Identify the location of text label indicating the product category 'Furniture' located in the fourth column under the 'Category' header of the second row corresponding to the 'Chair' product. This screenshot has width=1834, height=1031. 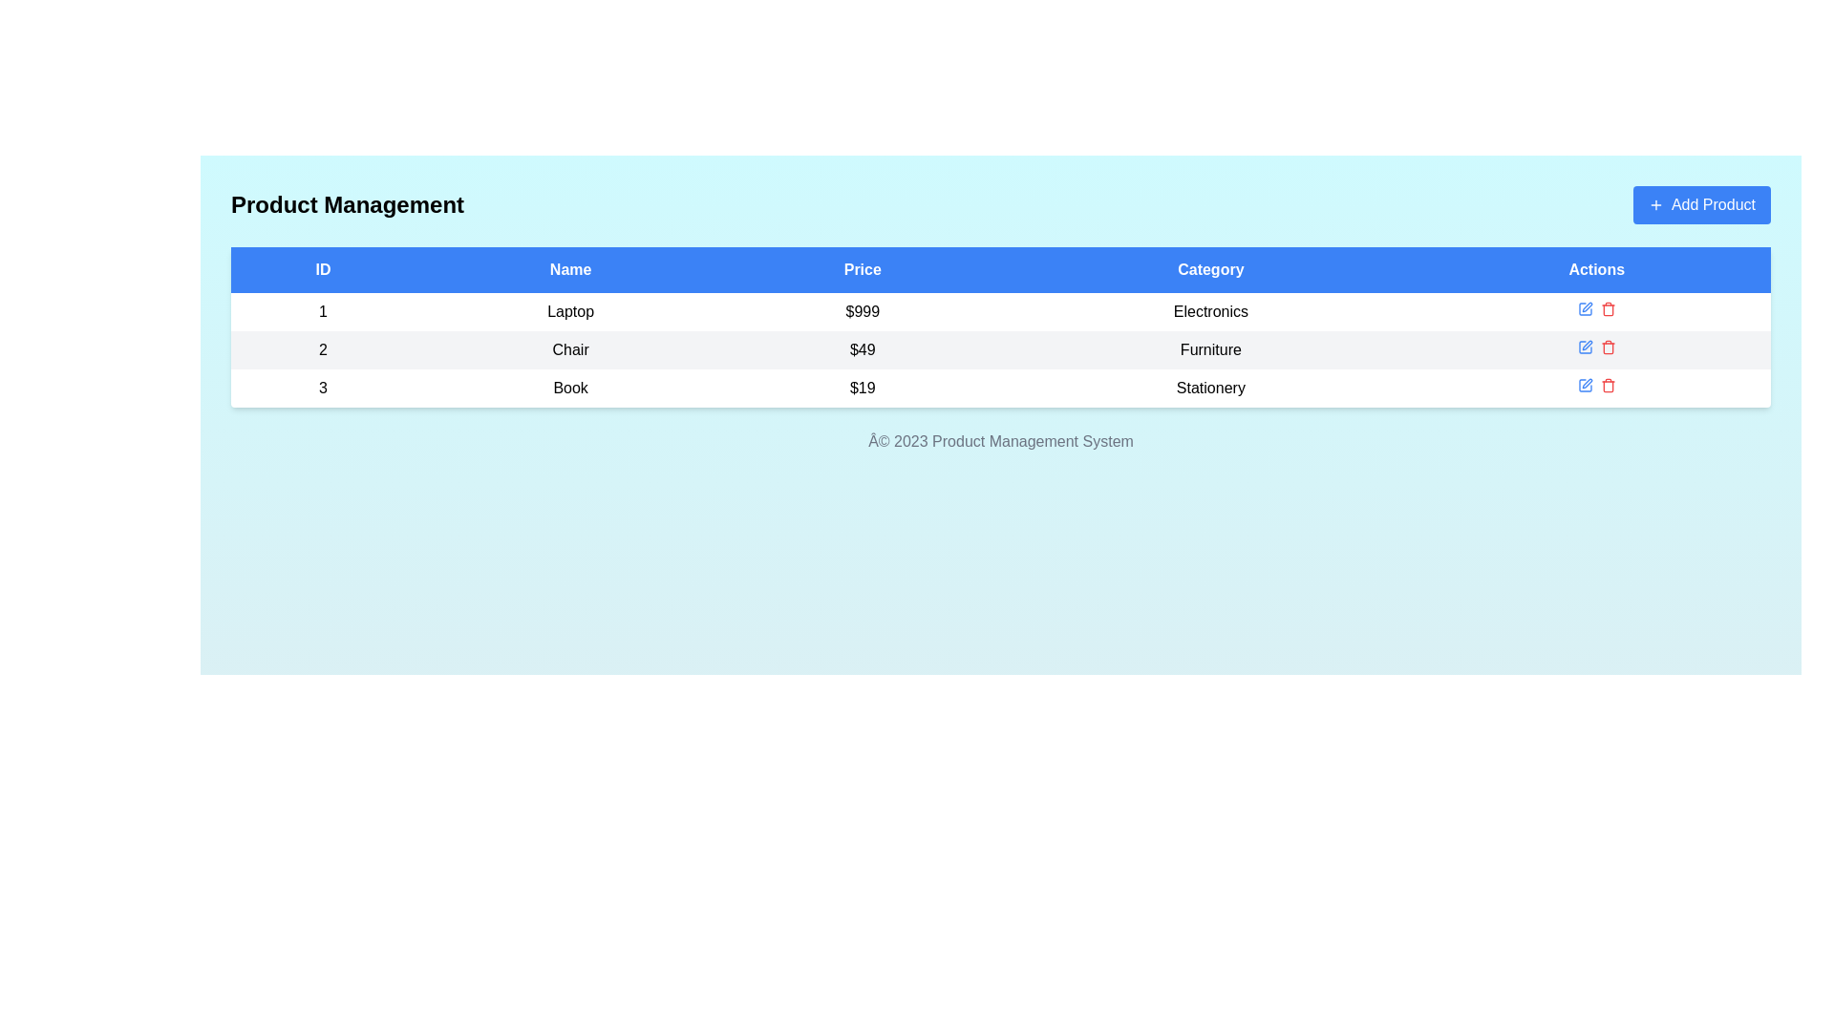
(1209, 349).